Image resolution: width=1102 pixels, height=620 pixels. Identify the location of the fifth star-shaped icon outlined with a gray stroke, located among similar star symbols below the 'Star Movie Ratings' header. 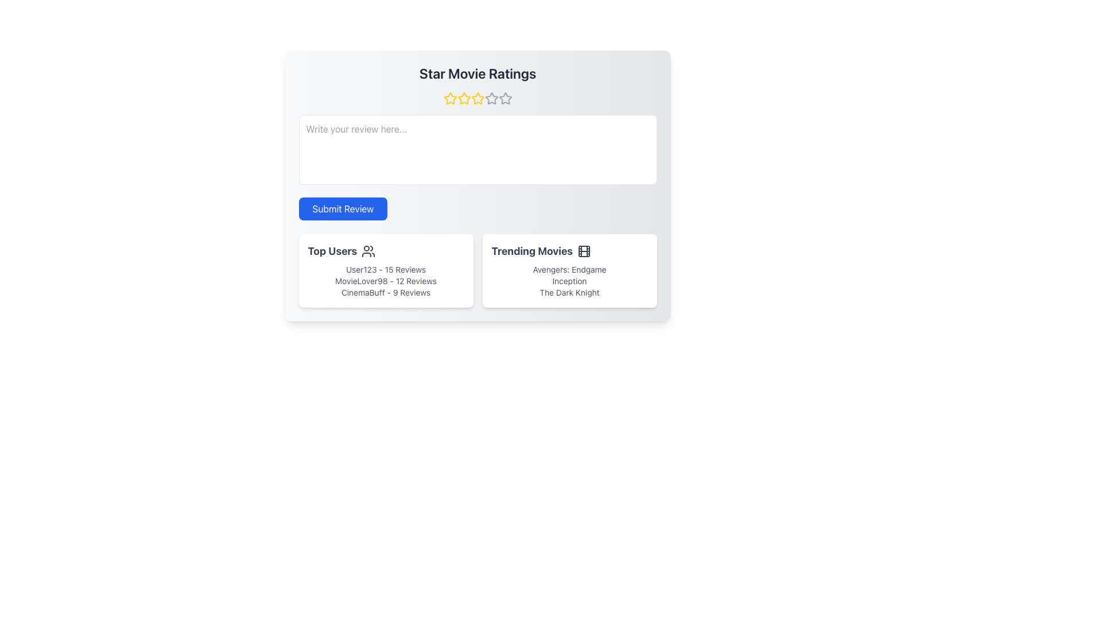
(505, 98).